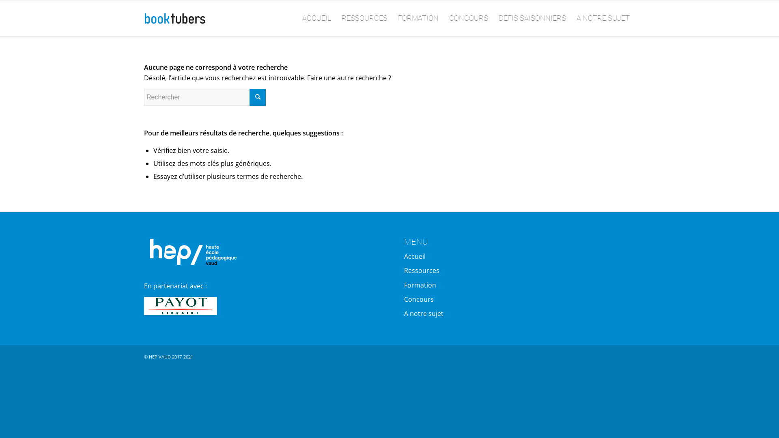  I want to click on 'Payot', so click(180, 306).